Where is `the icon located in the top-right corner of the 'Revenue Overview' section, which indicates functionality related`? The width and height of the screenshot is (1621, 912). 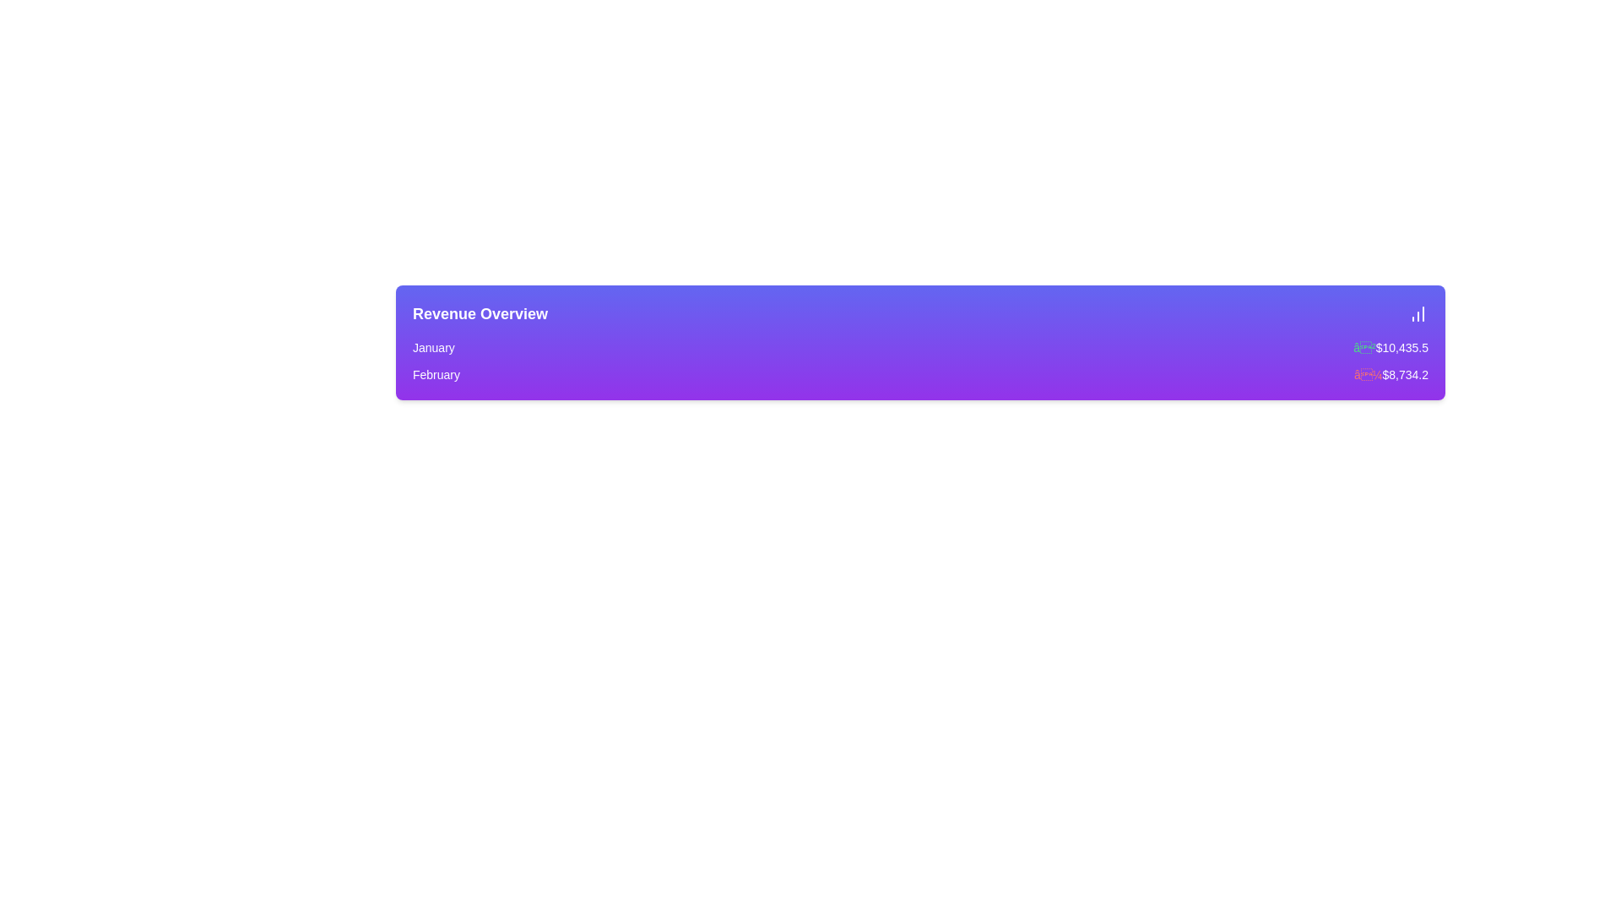 the icon located in the top-right corner of the 'Revenue Overview' section, which indicates functionality related is located at coordinates (1418, 313).